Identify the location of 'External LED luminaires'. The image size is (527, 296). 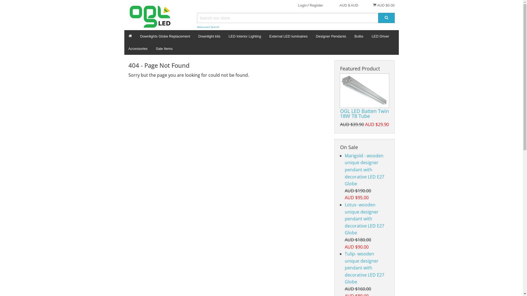
(288, 36).